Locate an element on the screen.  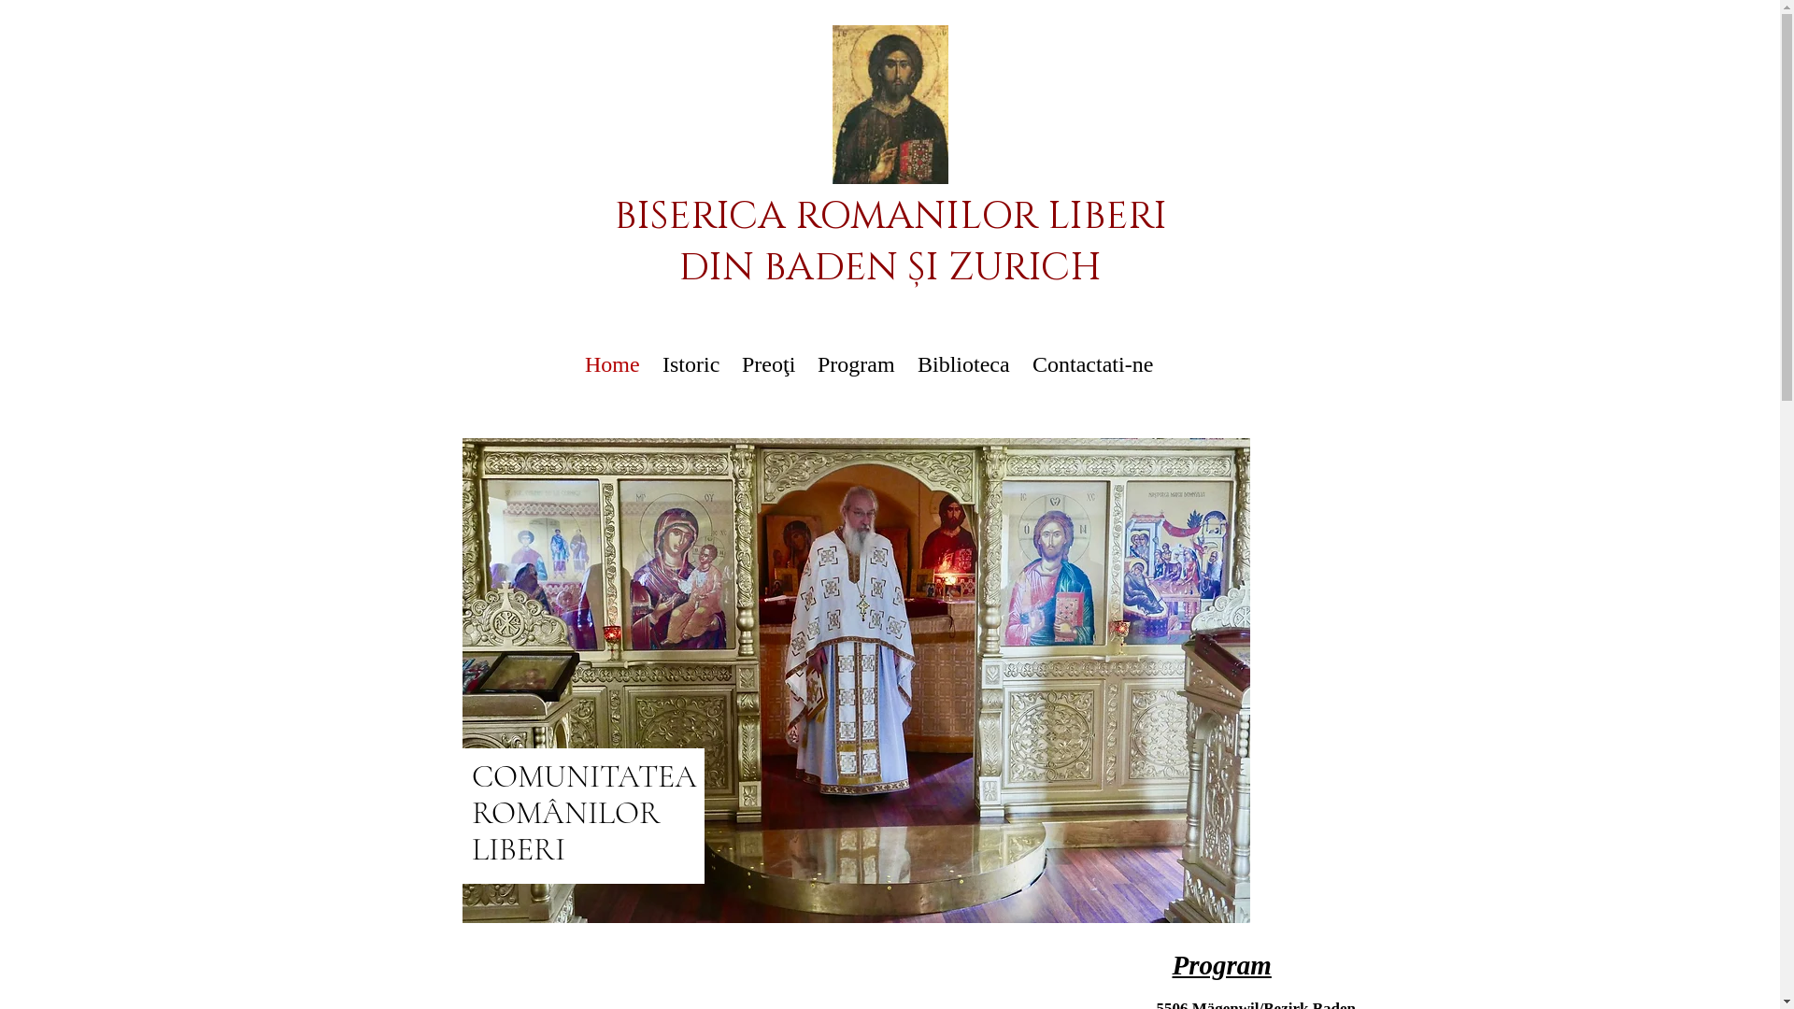
'Contactati-ne' is located at coordinates (1092, 364).